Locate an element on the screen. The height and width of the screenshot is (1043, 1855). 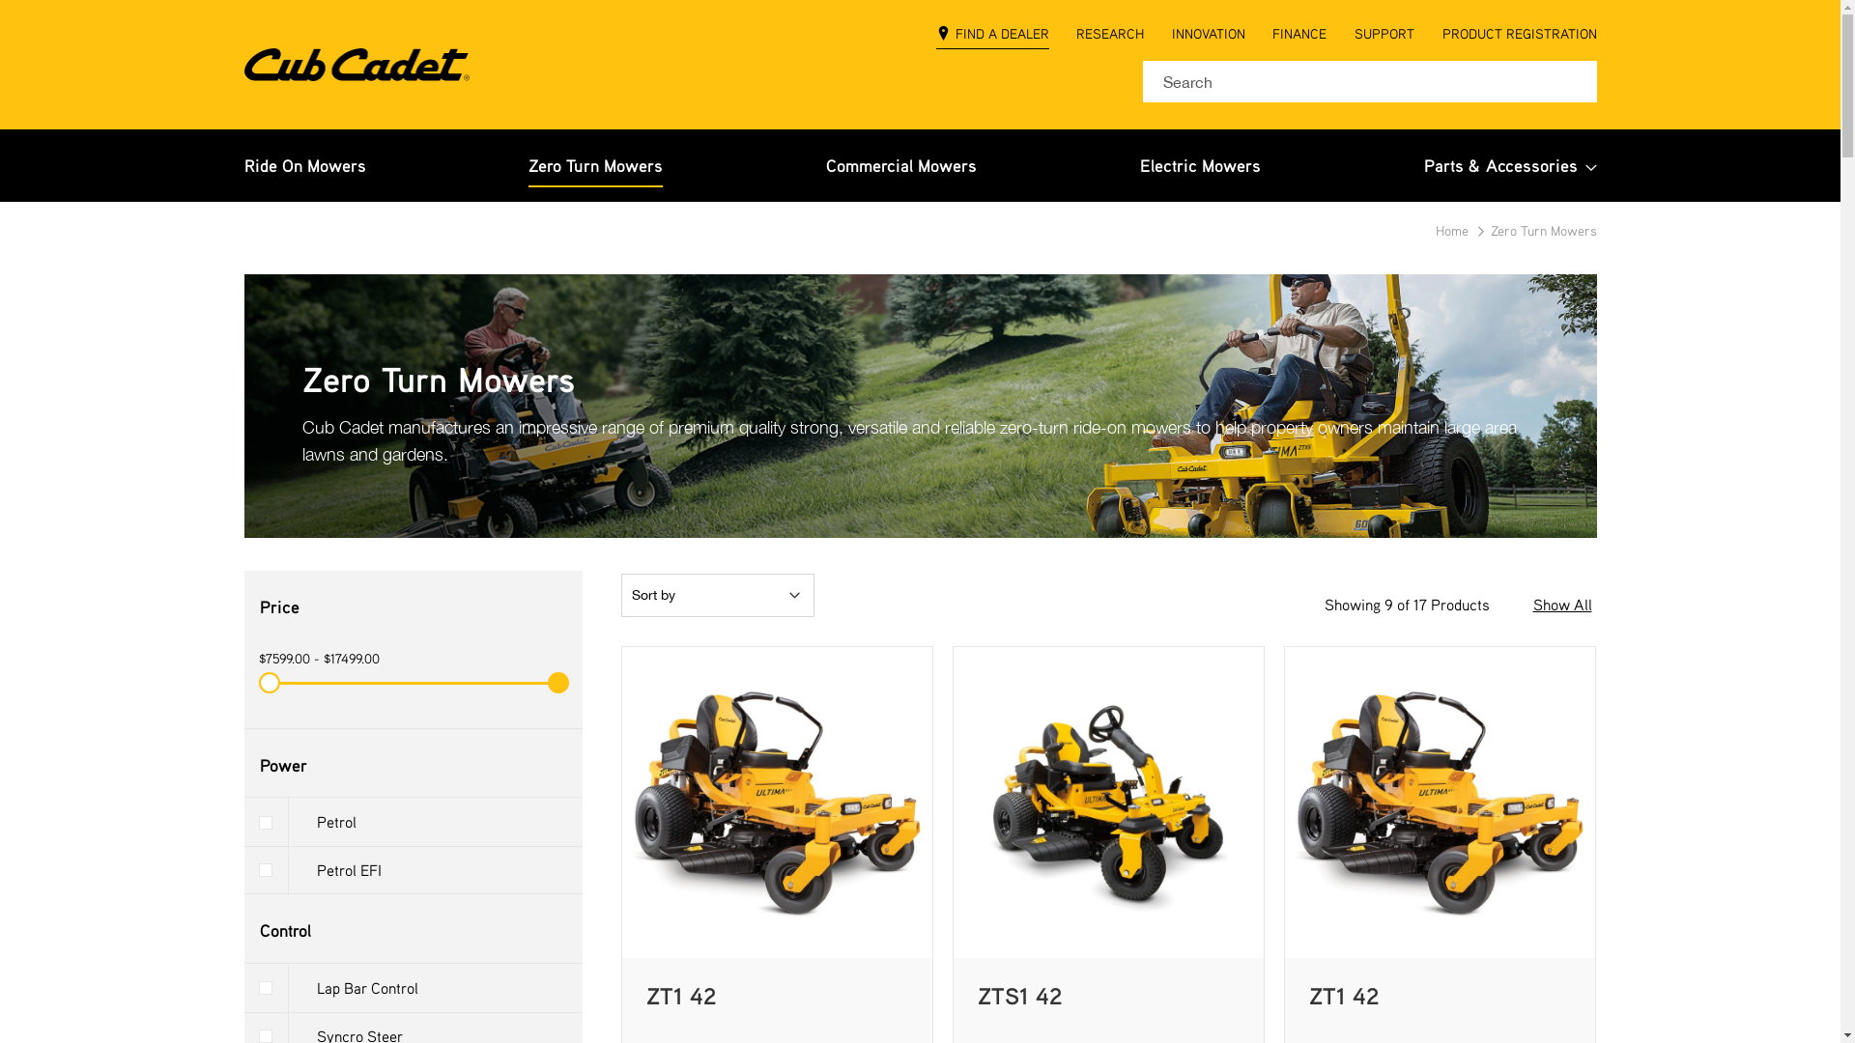
'Commercial Mowers' is located at coordinates (899, 164).